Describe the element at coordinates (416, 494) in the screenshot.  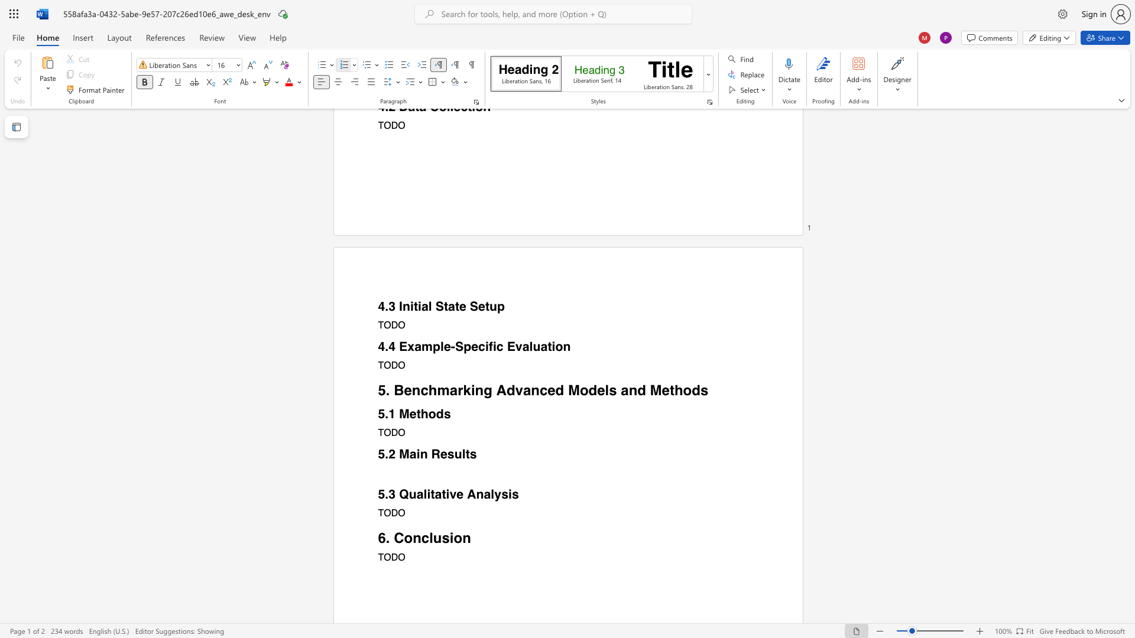
I see `the space between the continuous character "u" and "a" in the text` at that location.